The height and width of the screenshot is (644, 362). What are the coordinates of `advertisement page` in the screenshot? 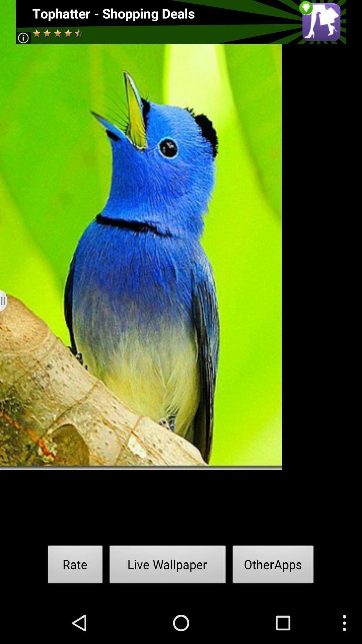 It's located at (180, 22).